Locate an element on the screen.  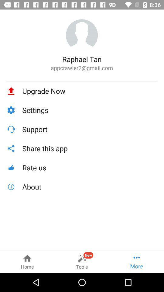
the support icon is located at coordinates (90, 129).